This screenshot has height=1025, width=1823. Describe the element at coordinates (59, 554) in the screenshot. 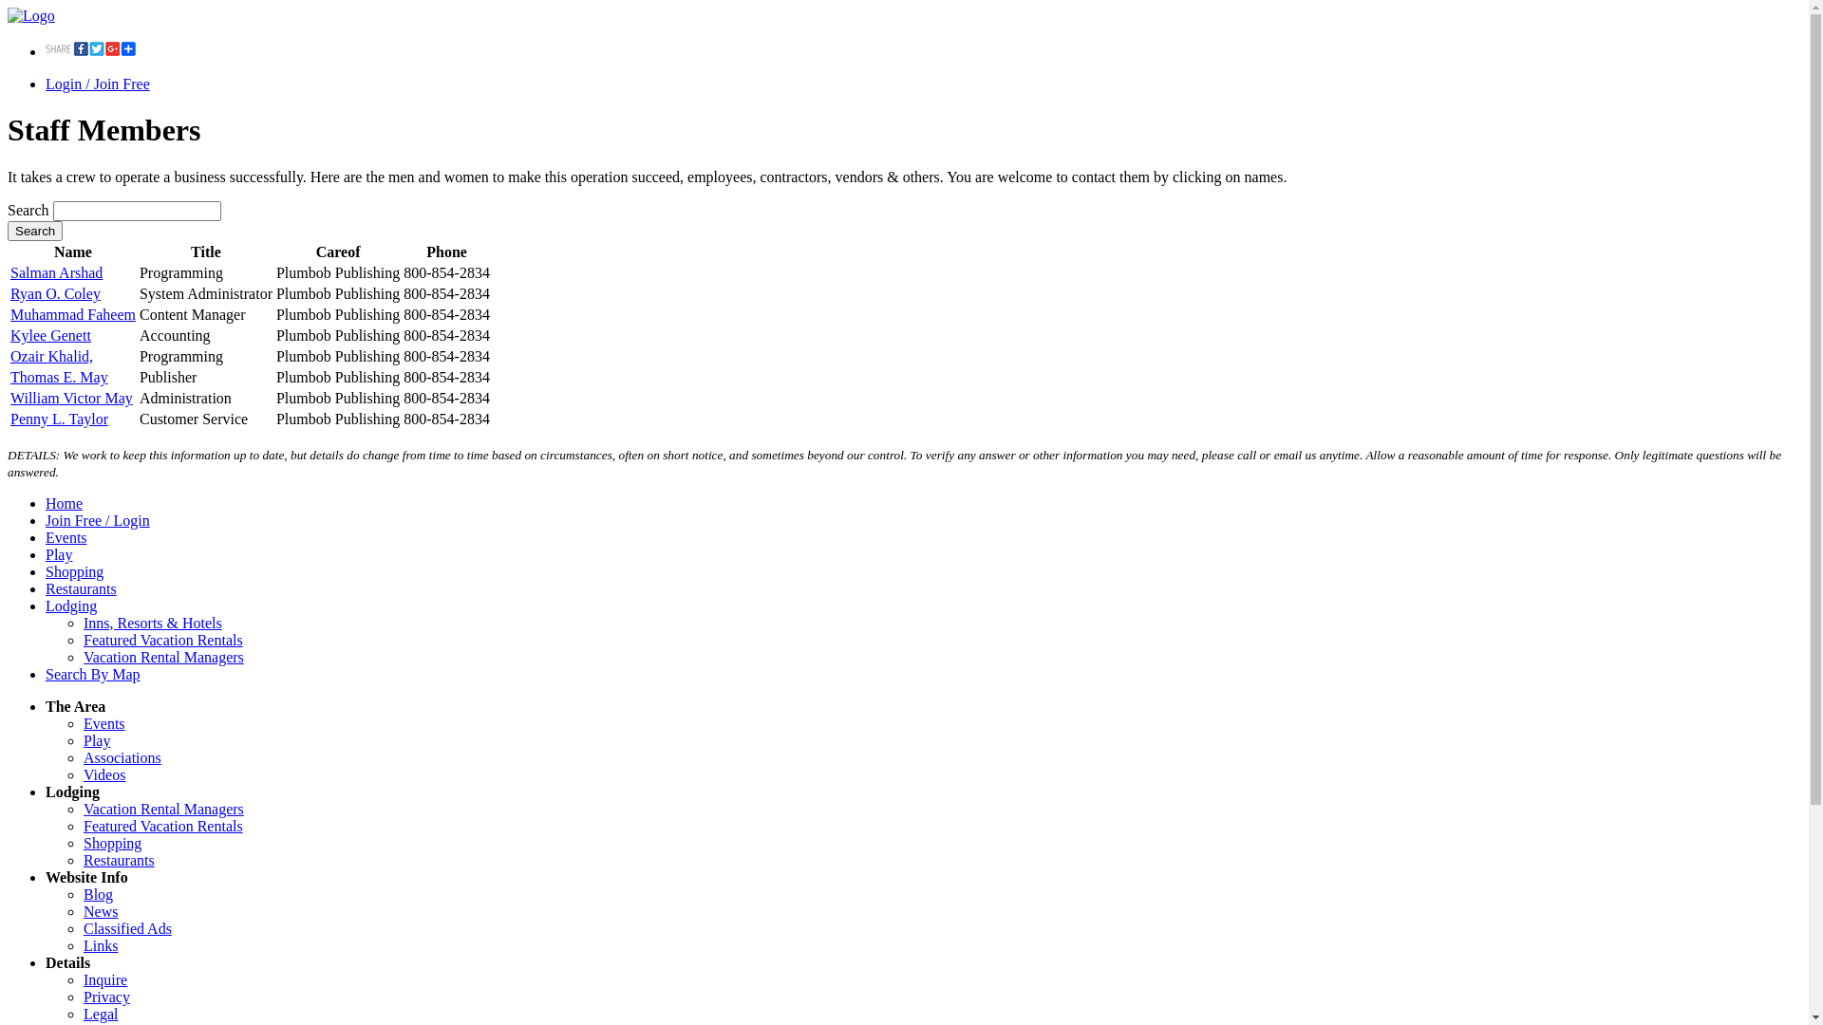

I see `'Play'` at that location.